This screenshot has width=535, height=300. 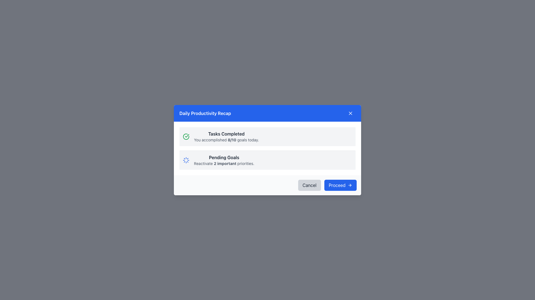 What do you see at coordinates (205, 113) in the screenshot?
I see `the text label displaying 'Daily Productivity Recap' which is styled with a white font color and positioned at the top-left side of the blue background bar in the modal interface` at bounding box center [205, 113].